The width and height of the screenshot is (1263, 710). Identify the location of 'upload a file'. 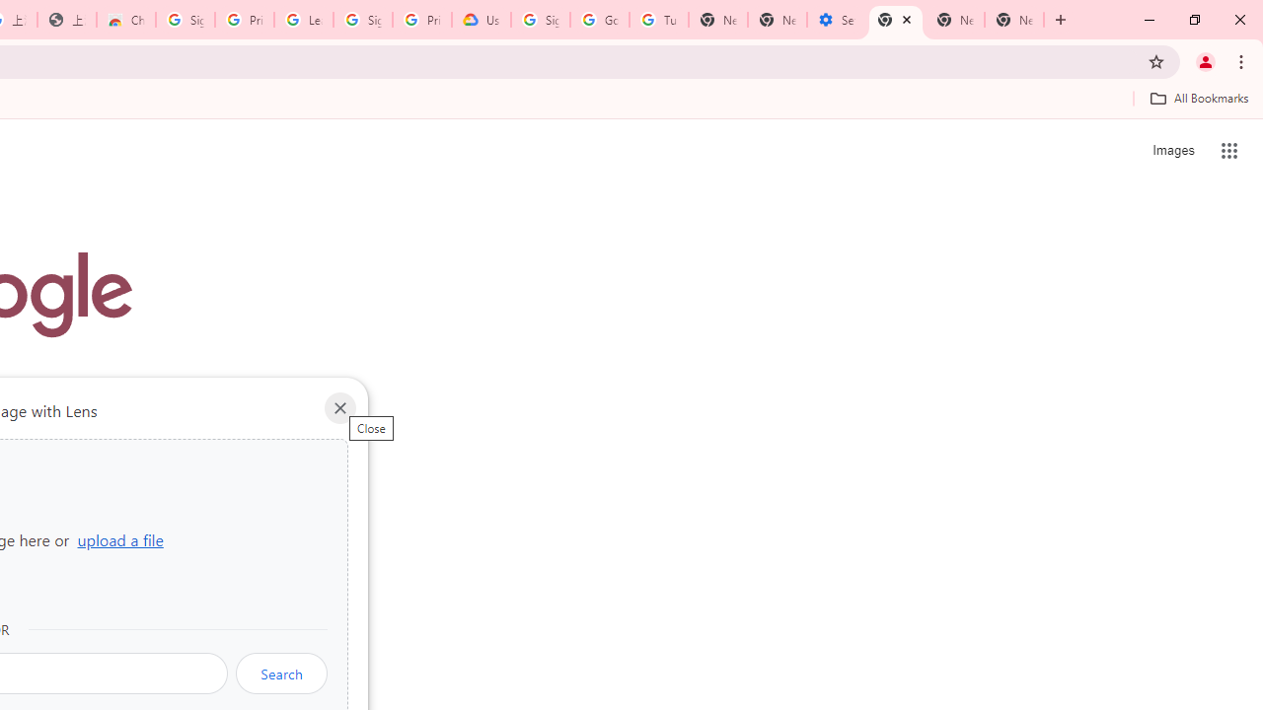
(119, 539).